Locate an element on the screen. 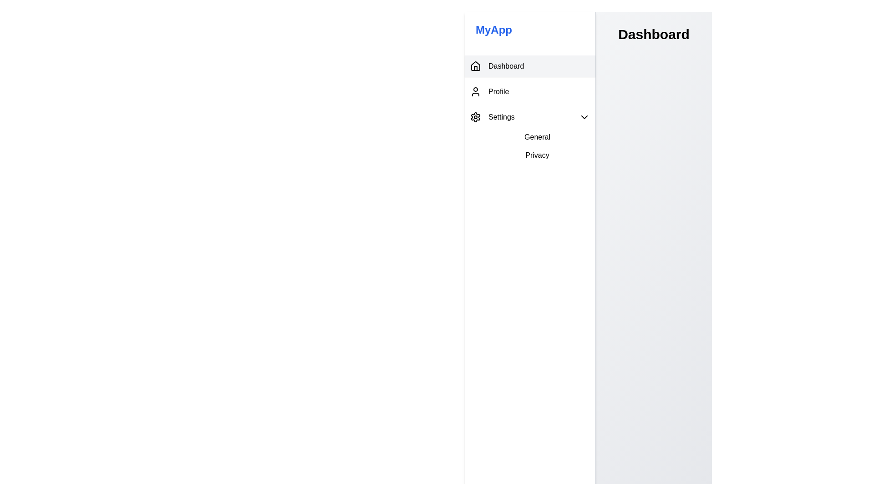 The image size is (874, 491). the home icon located at the top-left part of the interface, which is associated with the 'Dashboard' label is located at coordinates (475, 66).